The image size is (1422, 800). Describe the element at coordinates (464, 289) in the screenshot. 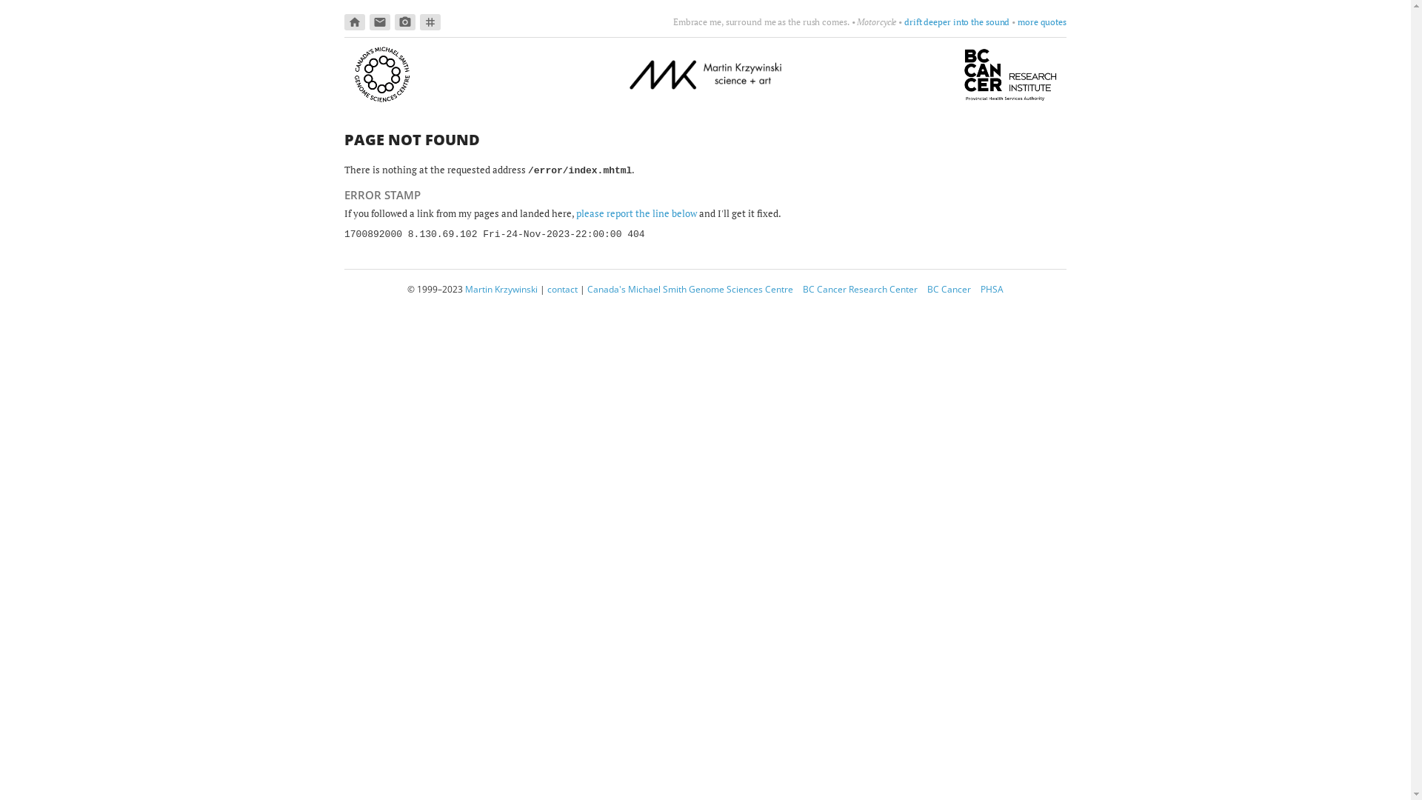

I see `'Martin Krzywinski'` at that location.